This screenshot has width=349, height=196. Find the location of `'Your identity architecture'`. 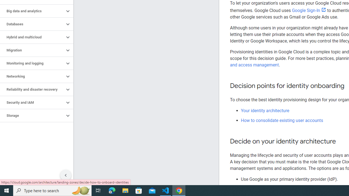

'Your identity architecture' is located at coordinates (265, 110).